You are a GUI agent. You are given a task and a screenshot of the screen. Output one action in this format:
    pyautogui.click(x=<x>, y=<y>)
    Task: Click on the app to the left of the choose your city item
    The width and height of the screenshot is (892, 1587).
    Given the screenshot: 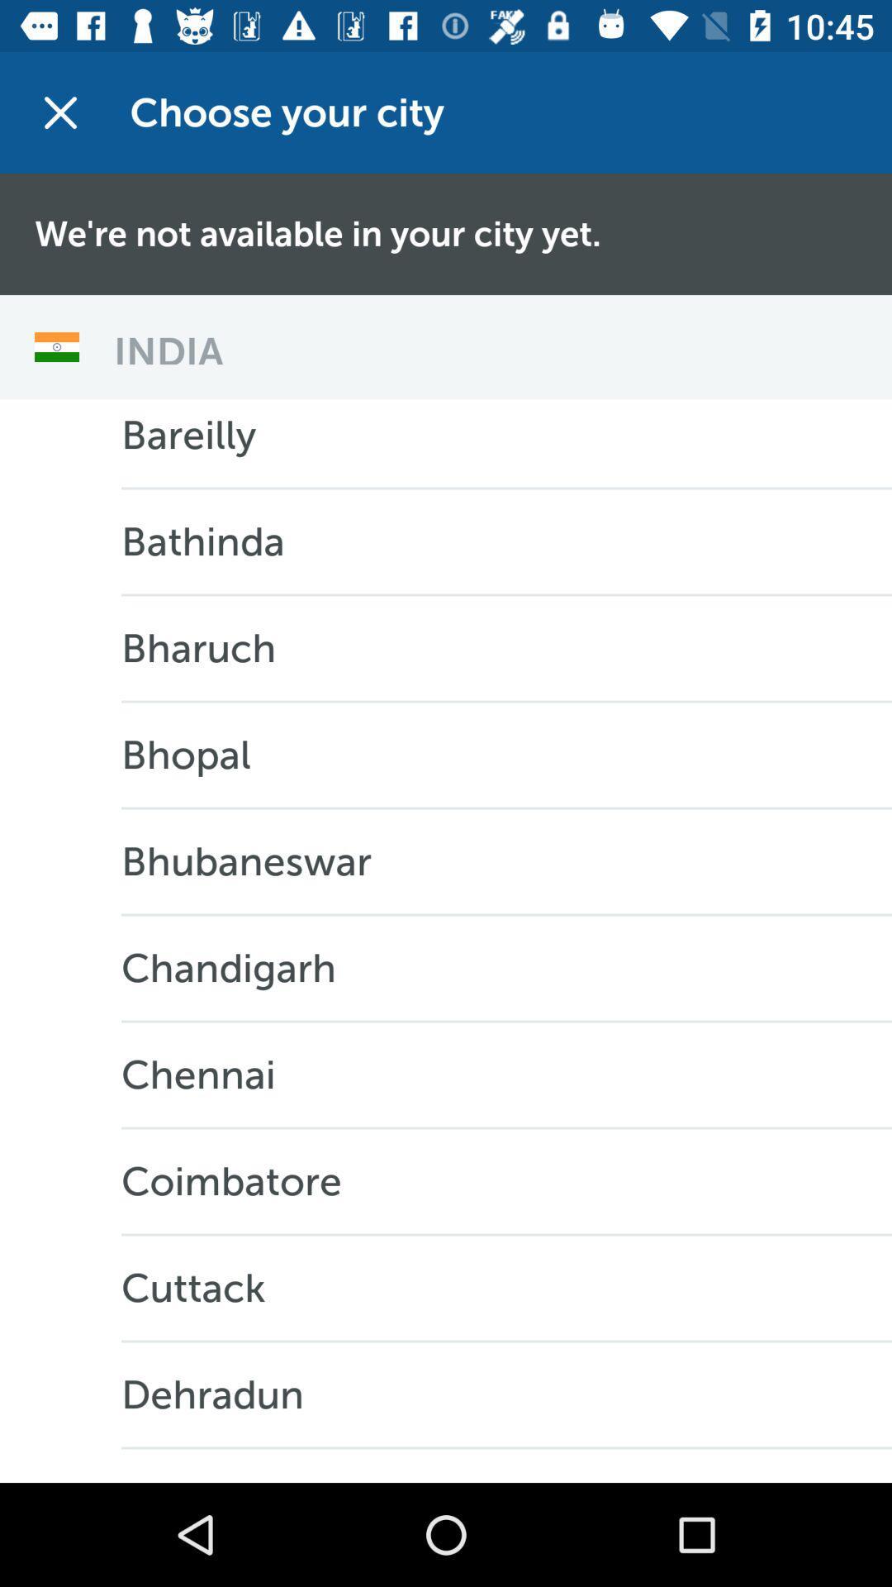 What is the action you would take?
    pyautogui.click(x=59, y=112)
    